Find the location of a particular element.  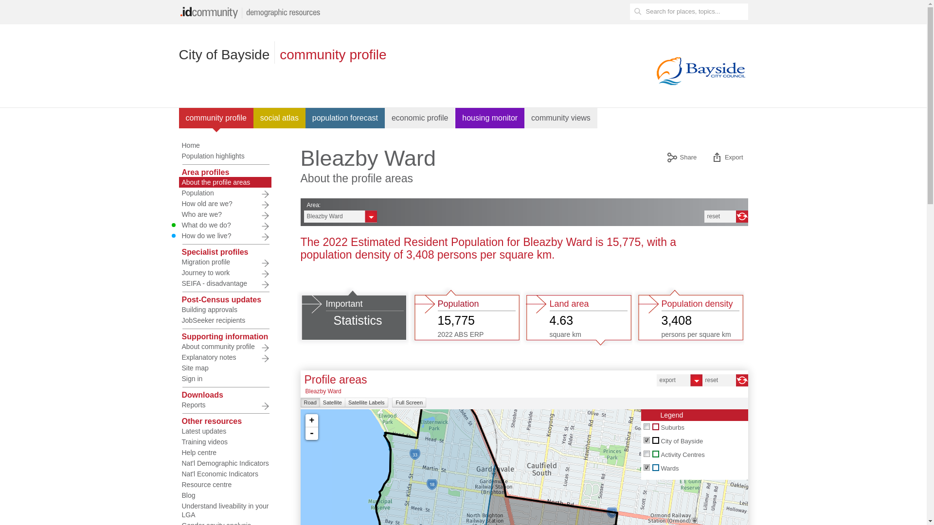

'Building approvals' is located at coordinates (224, 309).